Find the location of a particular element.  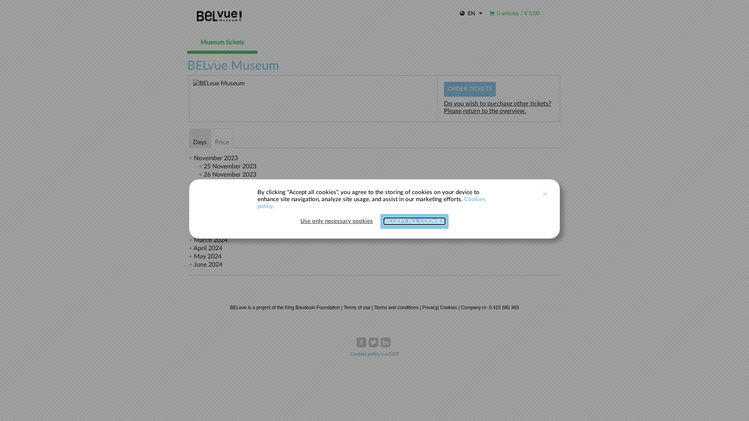

'29 November 2023' is located at coordinates (229, 198).